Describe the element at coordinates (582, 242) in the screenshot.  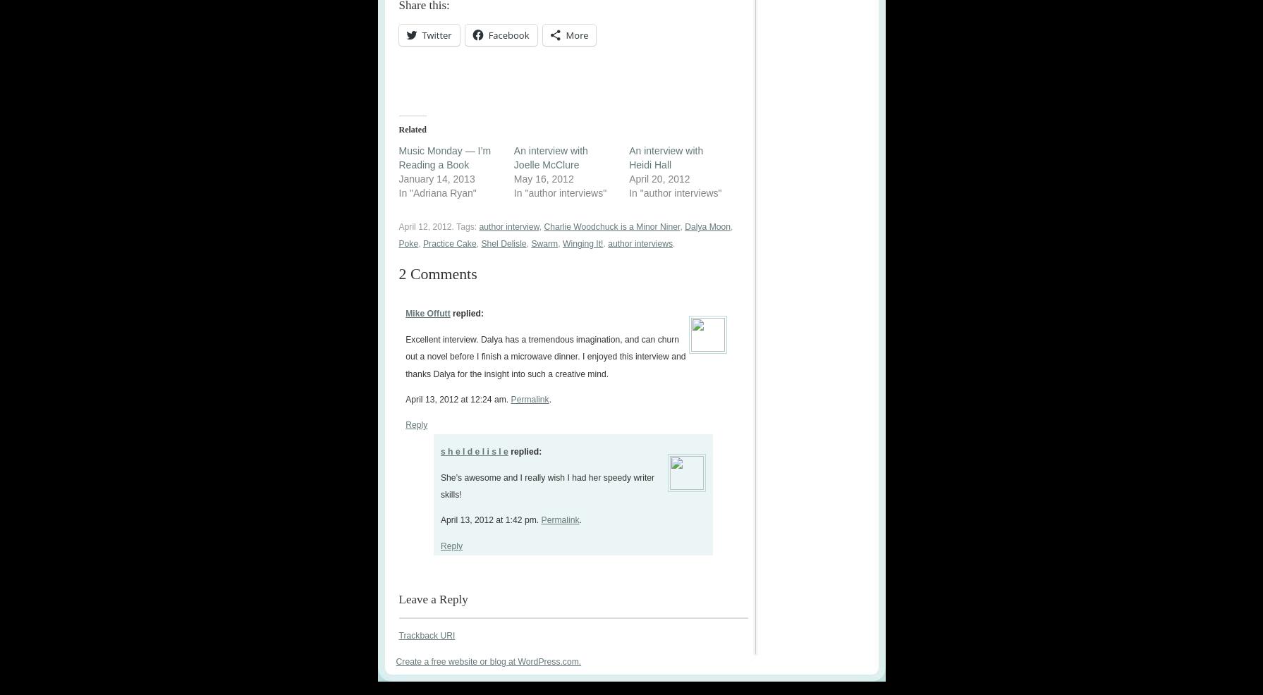
I see `'Winging It!'` at that location.